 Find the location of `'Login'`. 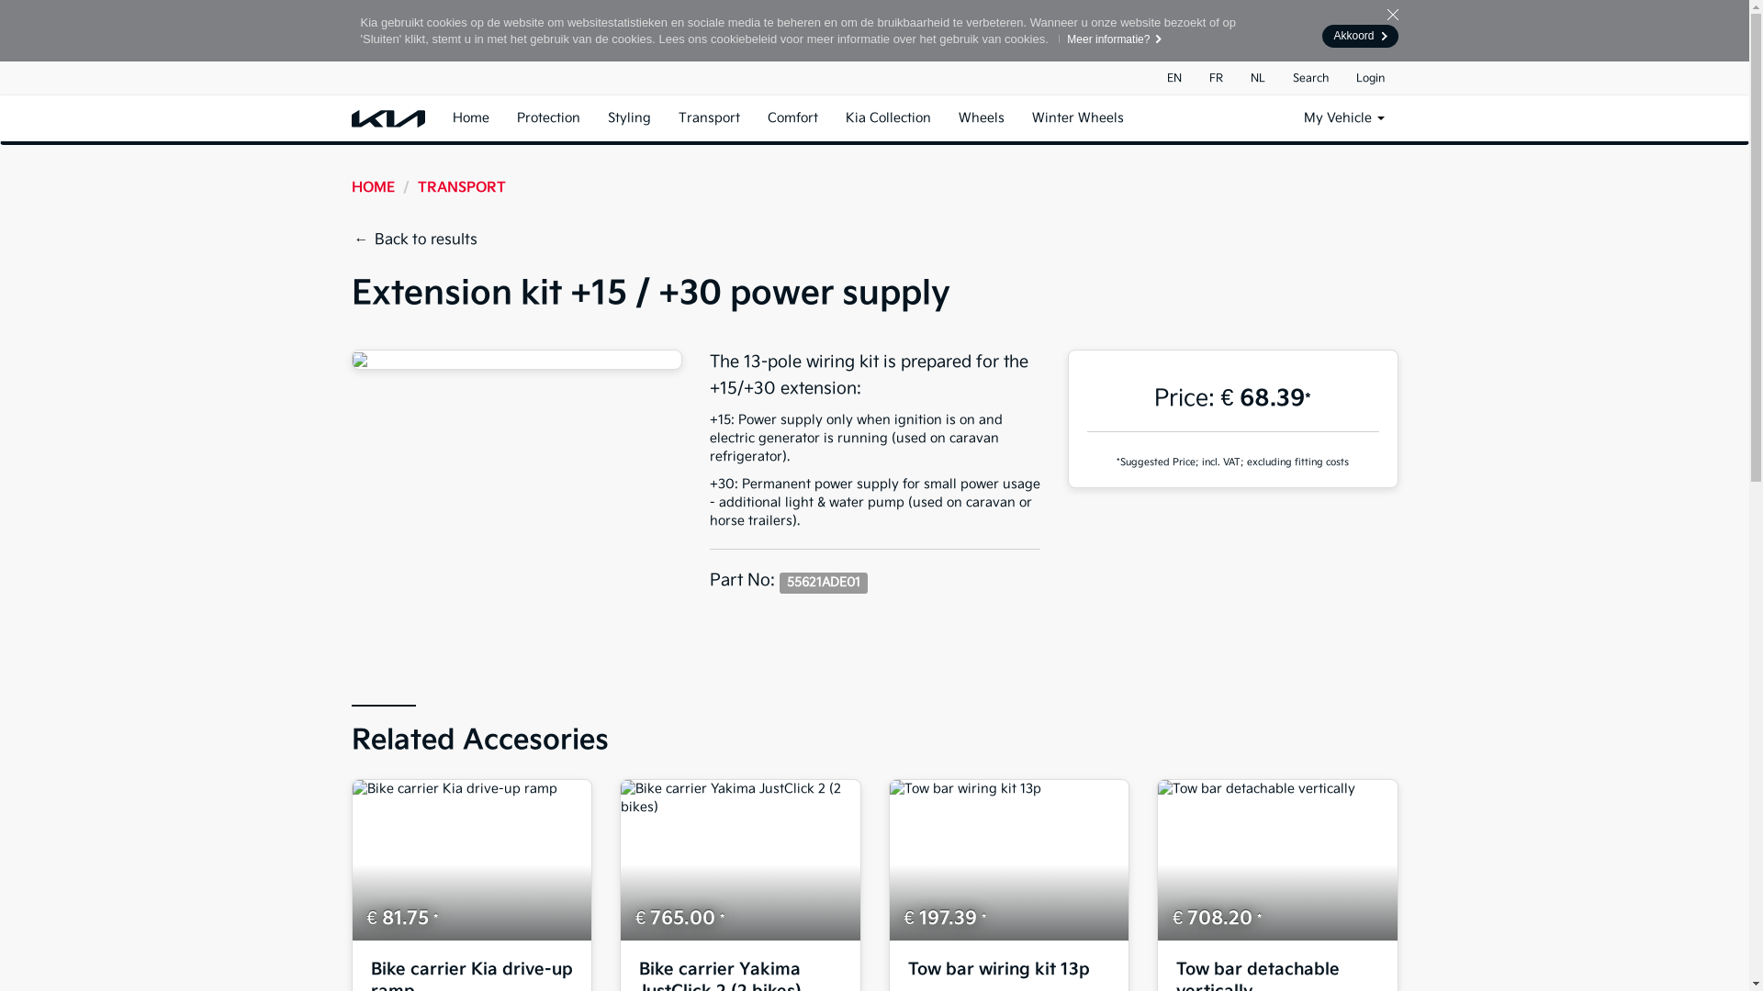

'Login' is located at coordinates (1370, 77).